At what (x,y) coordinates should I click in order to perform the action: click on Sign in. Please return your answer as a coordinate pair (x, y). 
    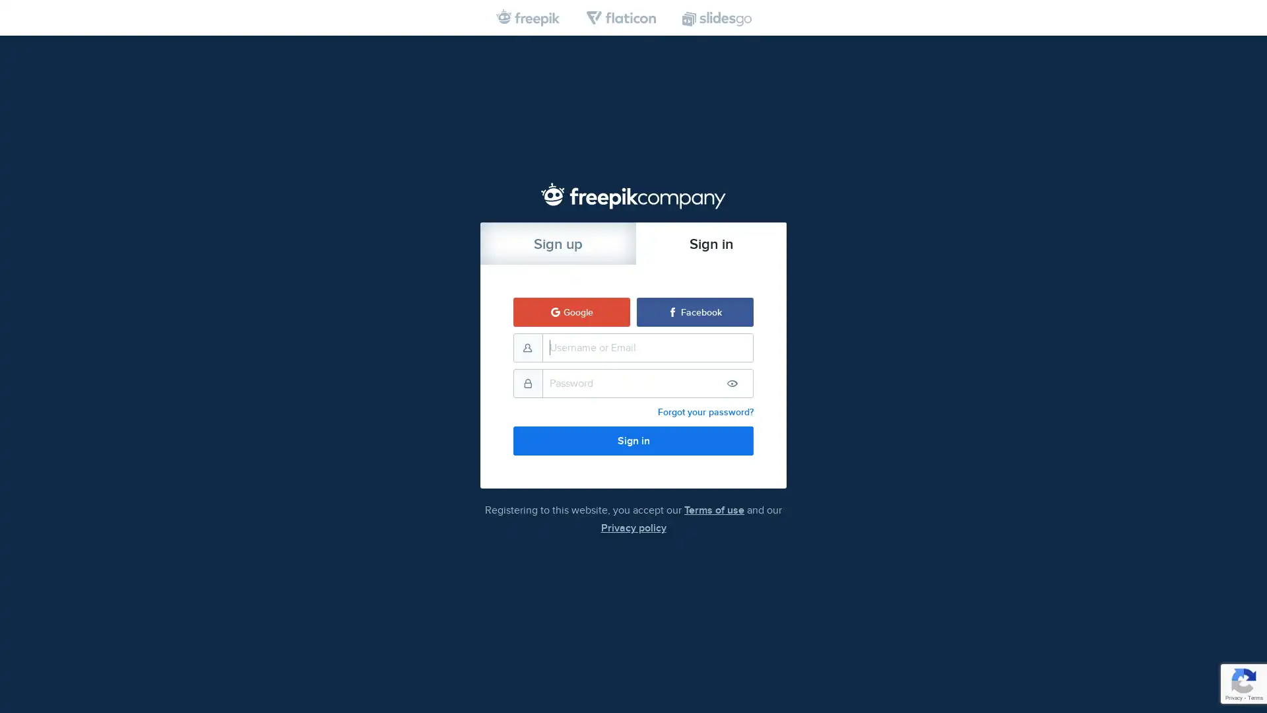
    Looking at the image, I should click on (633, 440).